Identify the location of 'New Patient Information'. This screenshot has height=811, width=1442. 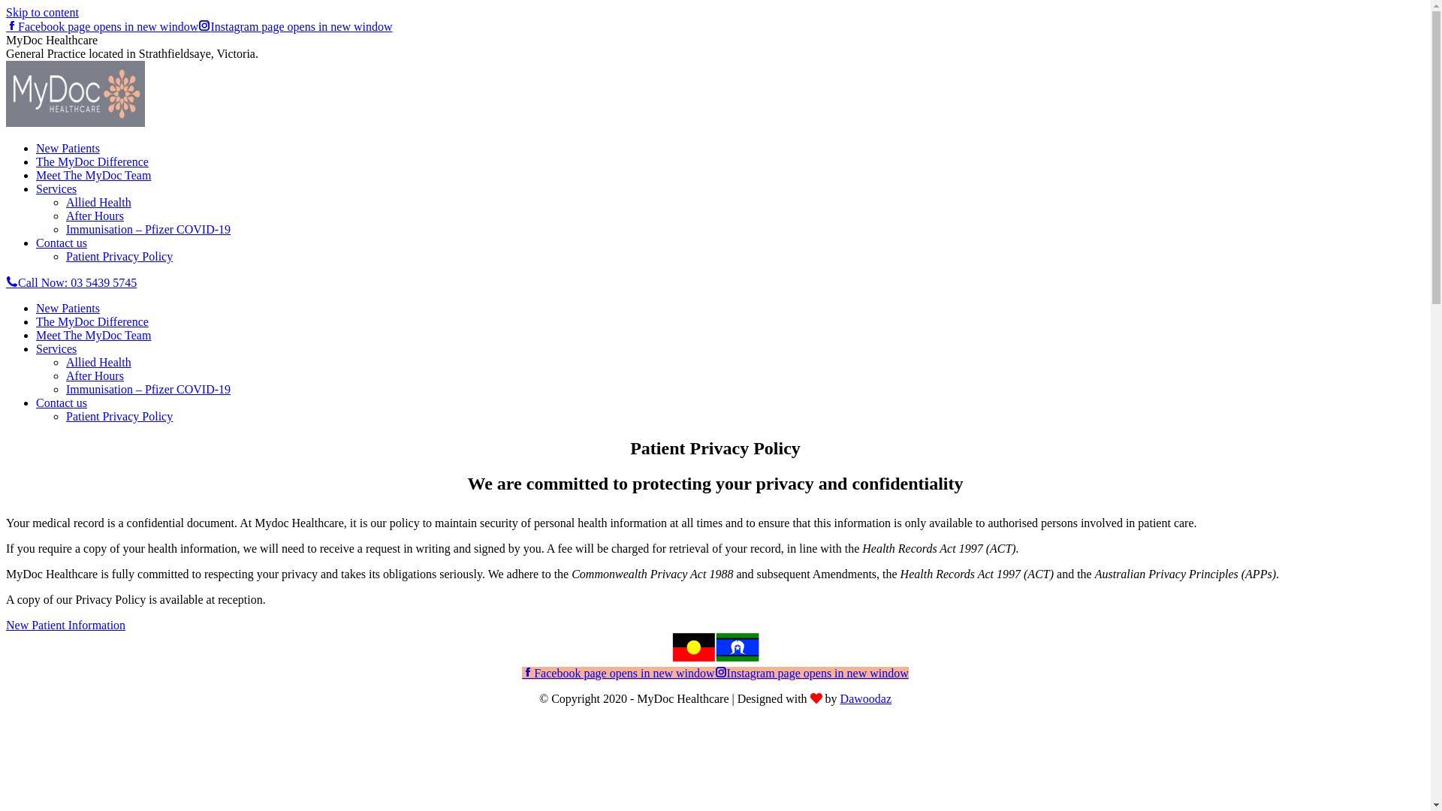
(65, 625).